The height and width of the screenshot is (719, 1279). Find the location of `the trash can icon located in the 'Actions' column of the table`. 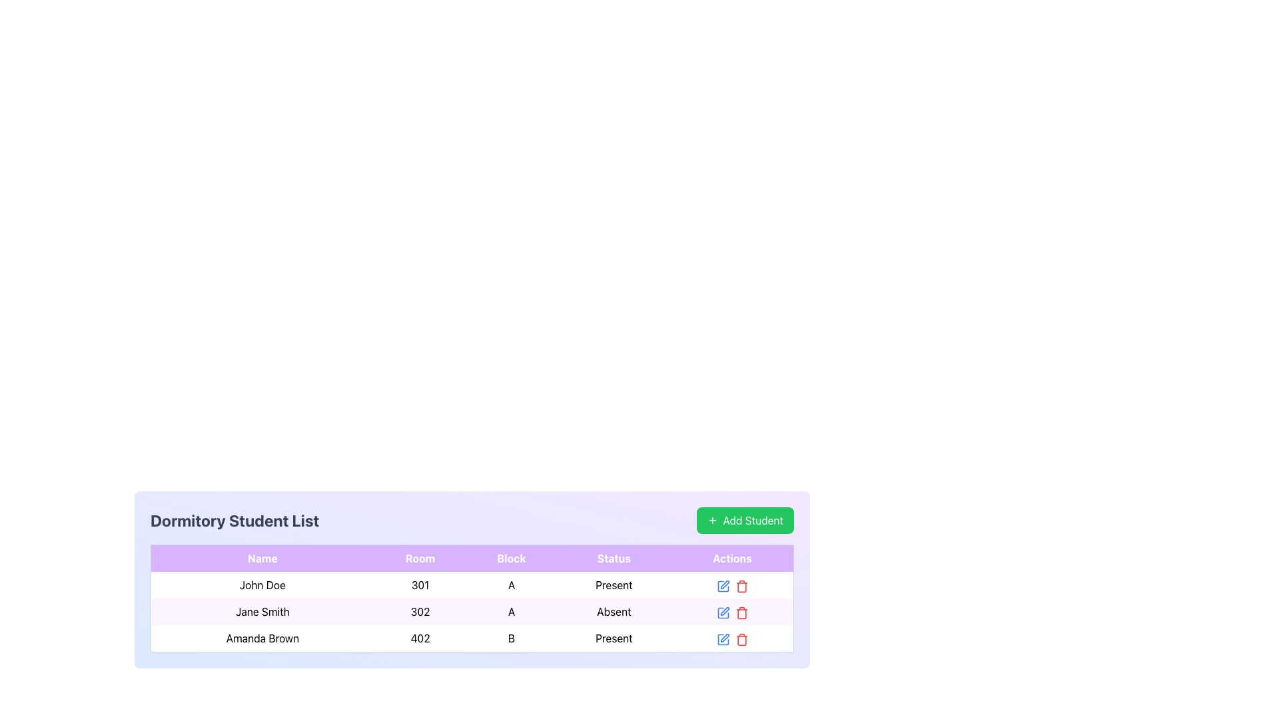

the trash can icon located in the 'Actions' column of the table is located at coordinates (741, 614).